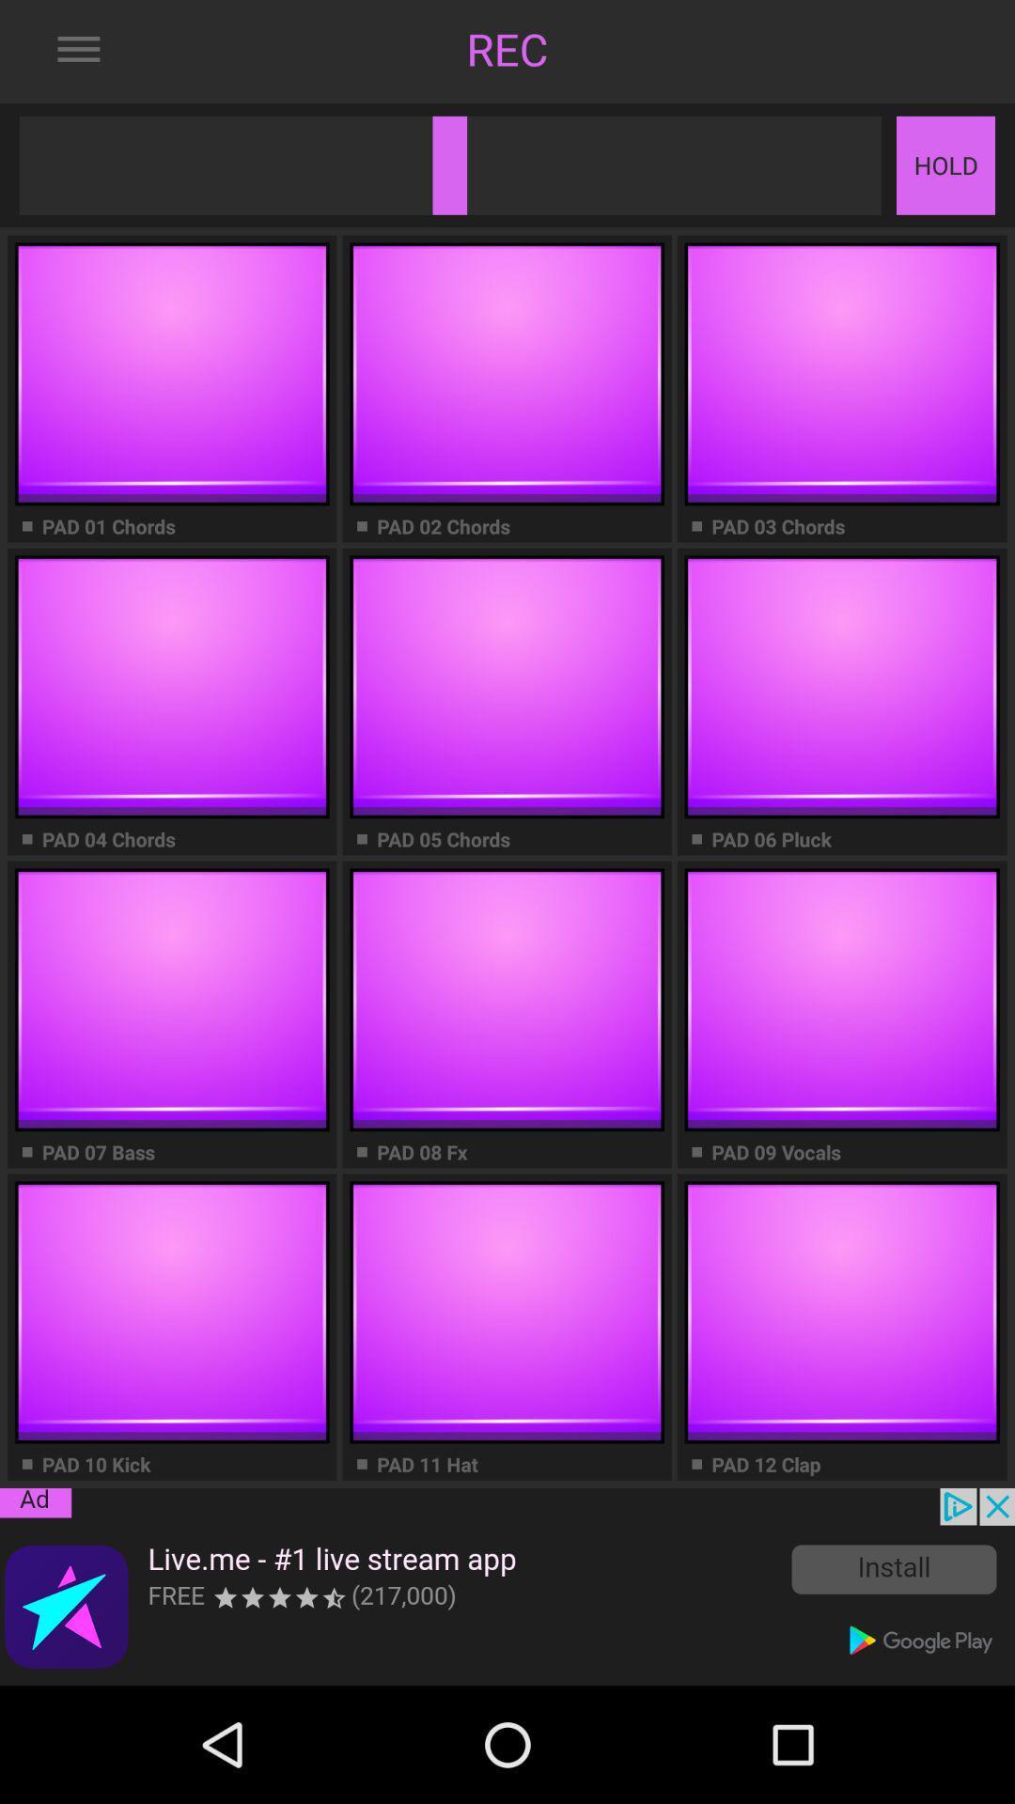 This screenshot has height=1804, width=1015. Describe the element at coordinates (78, 53) in the screenshot. I see `the menu icon` at that location.